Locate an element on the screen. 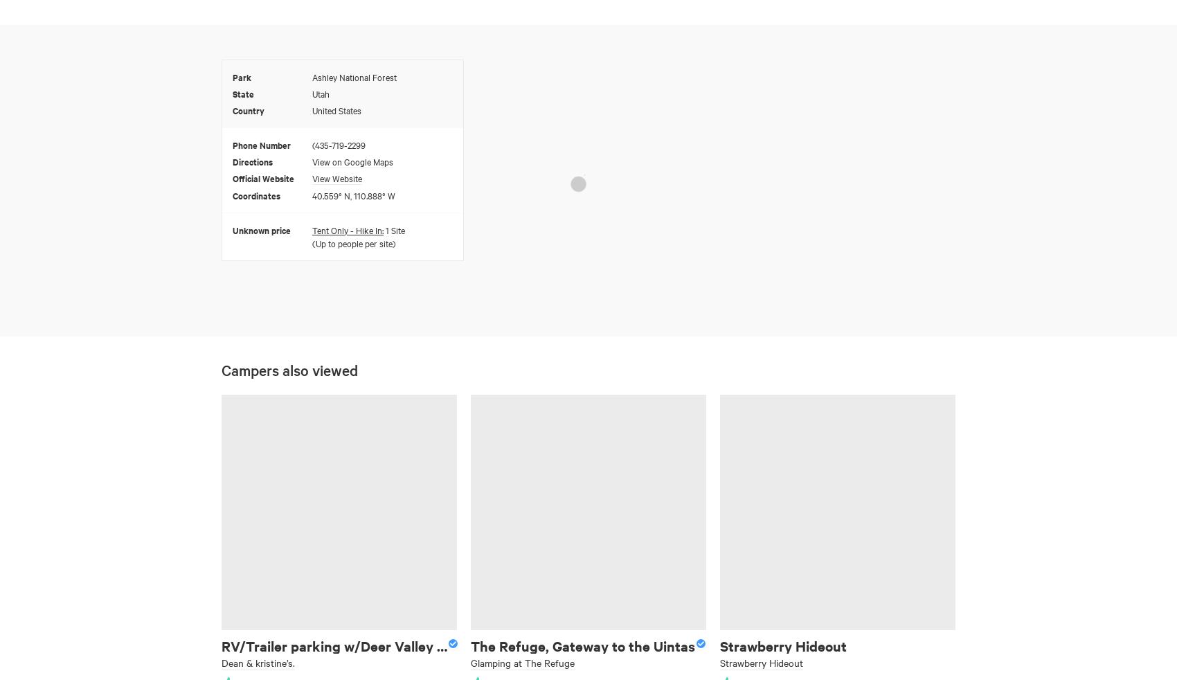  'Park' is located at coordinates (241, 75).